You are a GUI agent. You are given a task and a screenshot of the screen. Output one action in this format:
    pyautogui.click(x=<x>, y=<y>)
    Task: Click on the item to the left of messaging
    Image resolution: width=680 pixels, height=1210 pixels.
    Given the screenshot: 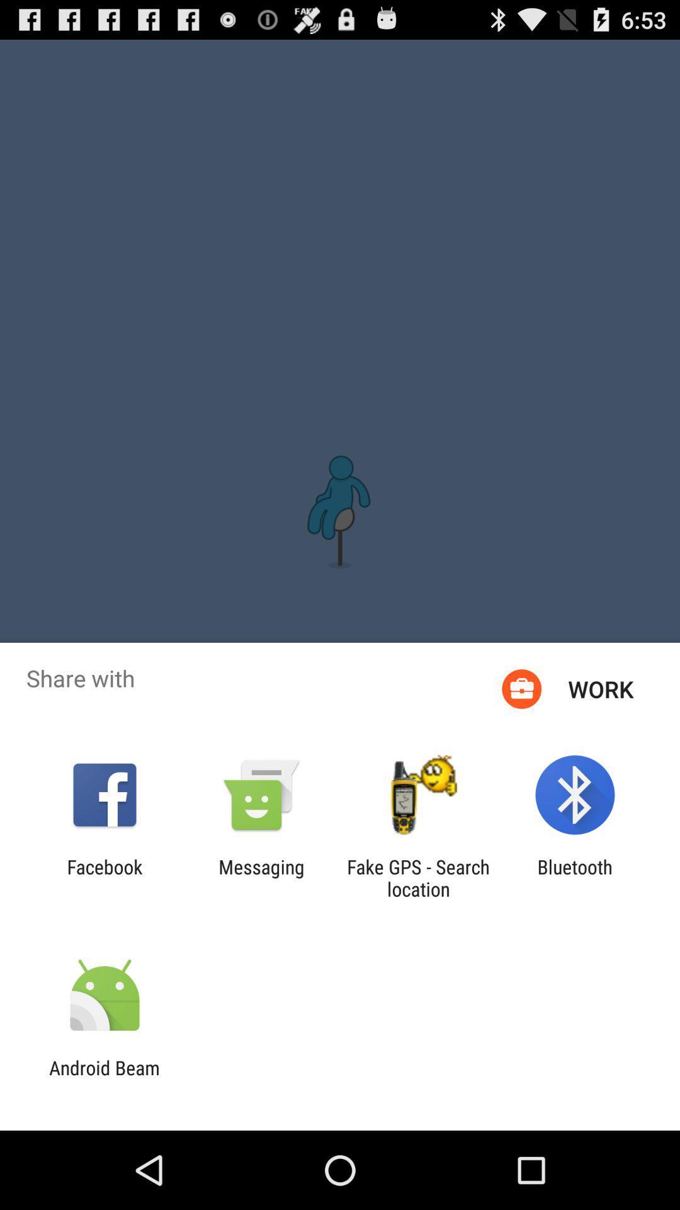 What is the action you would take?
    pyautogui.click(x=104, y=877)
    